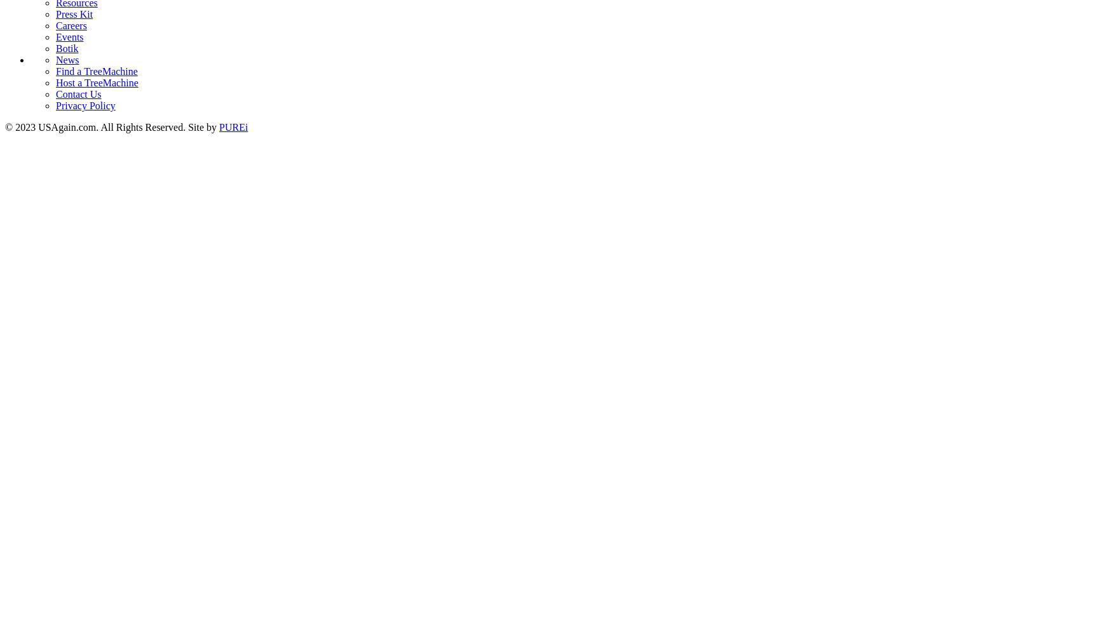  Describe the element at coordinates (70, 25) in the screenshot. I see `'Careers'` at that location.